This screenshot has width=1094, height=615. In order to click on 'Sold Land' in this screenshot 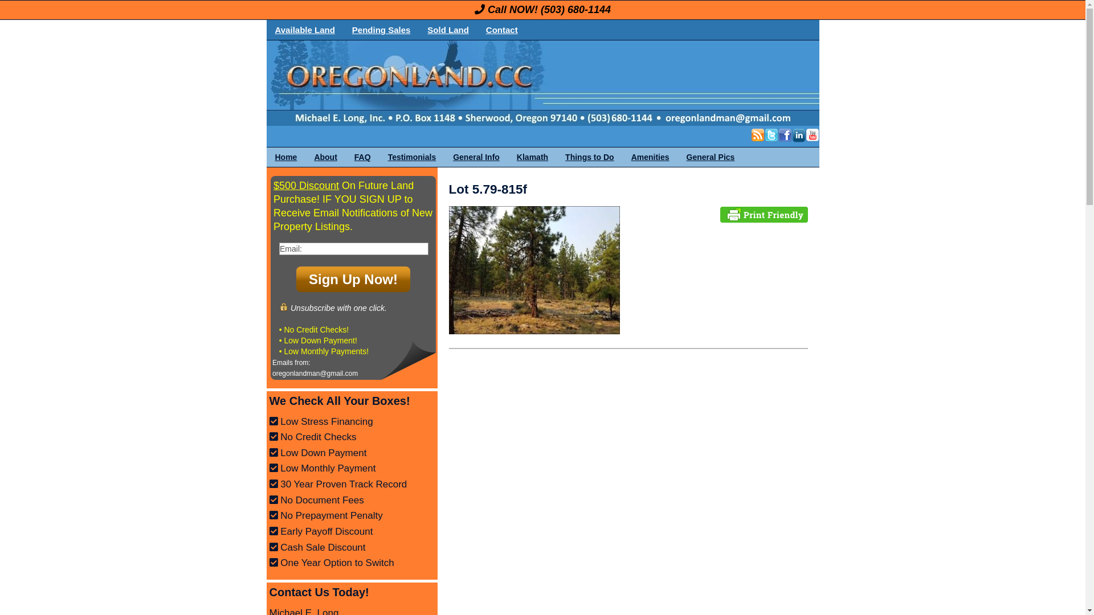, I will do `click(418, 29)`.